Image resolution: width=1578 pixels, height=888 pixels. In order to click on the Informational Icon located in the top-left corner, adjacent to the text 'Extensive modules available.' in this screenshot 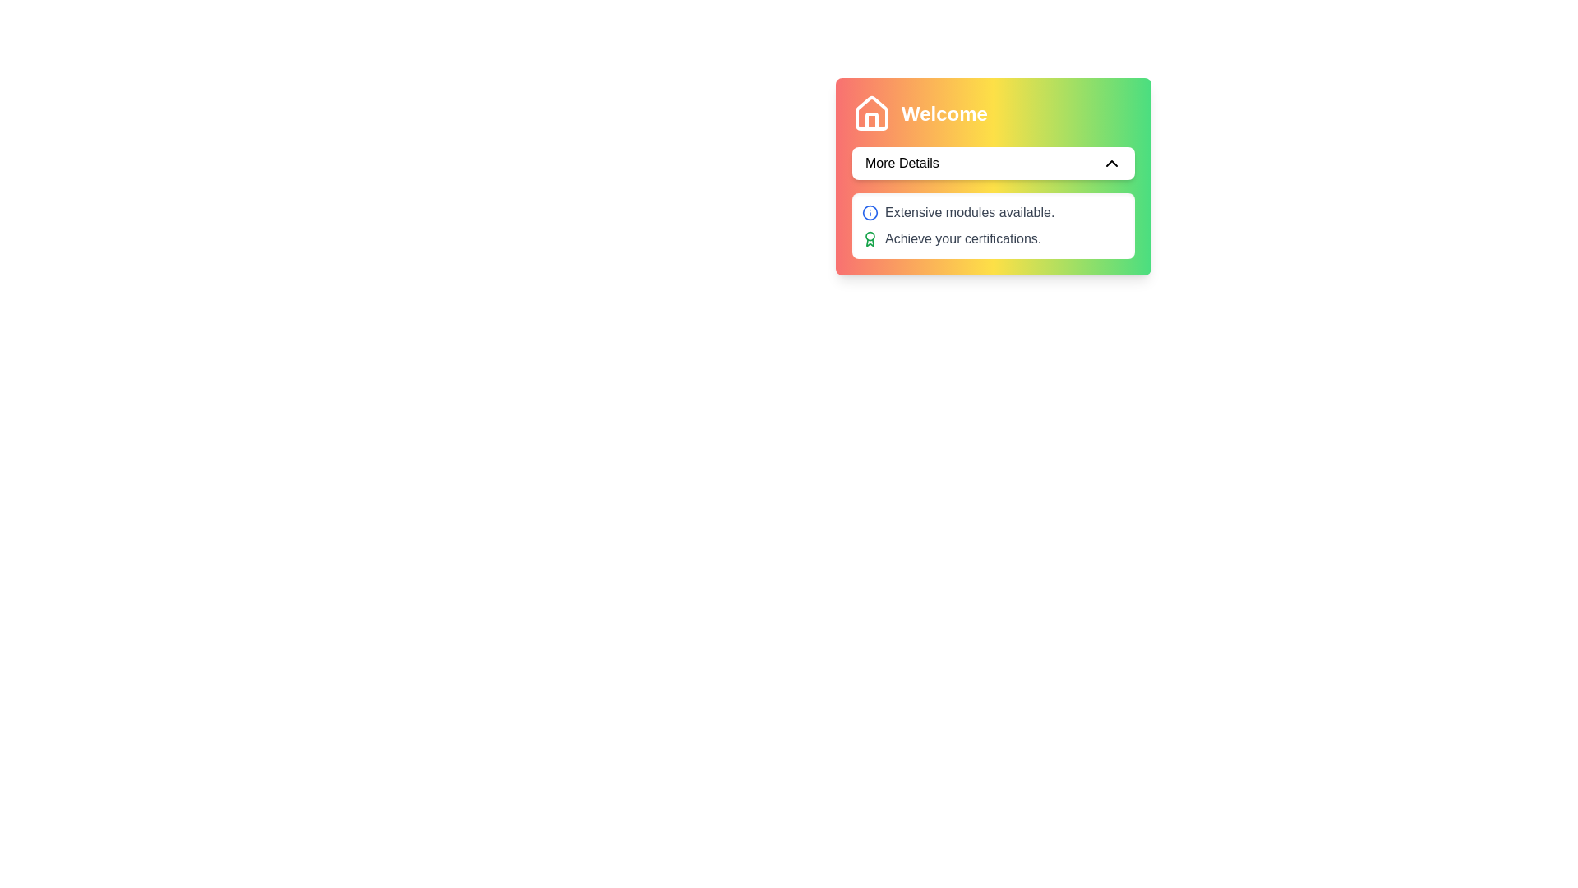, I will do `click(870, 211)`.